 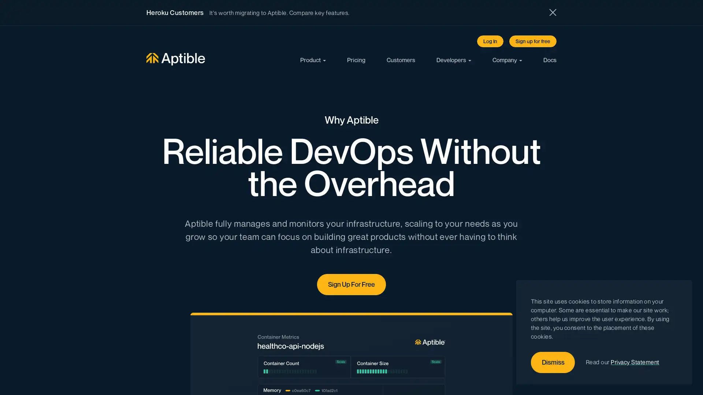 What do you see at coordinates (351, 284) in the screenshot?
I see `Sign Up For Free` at bounding box center [351, 284].